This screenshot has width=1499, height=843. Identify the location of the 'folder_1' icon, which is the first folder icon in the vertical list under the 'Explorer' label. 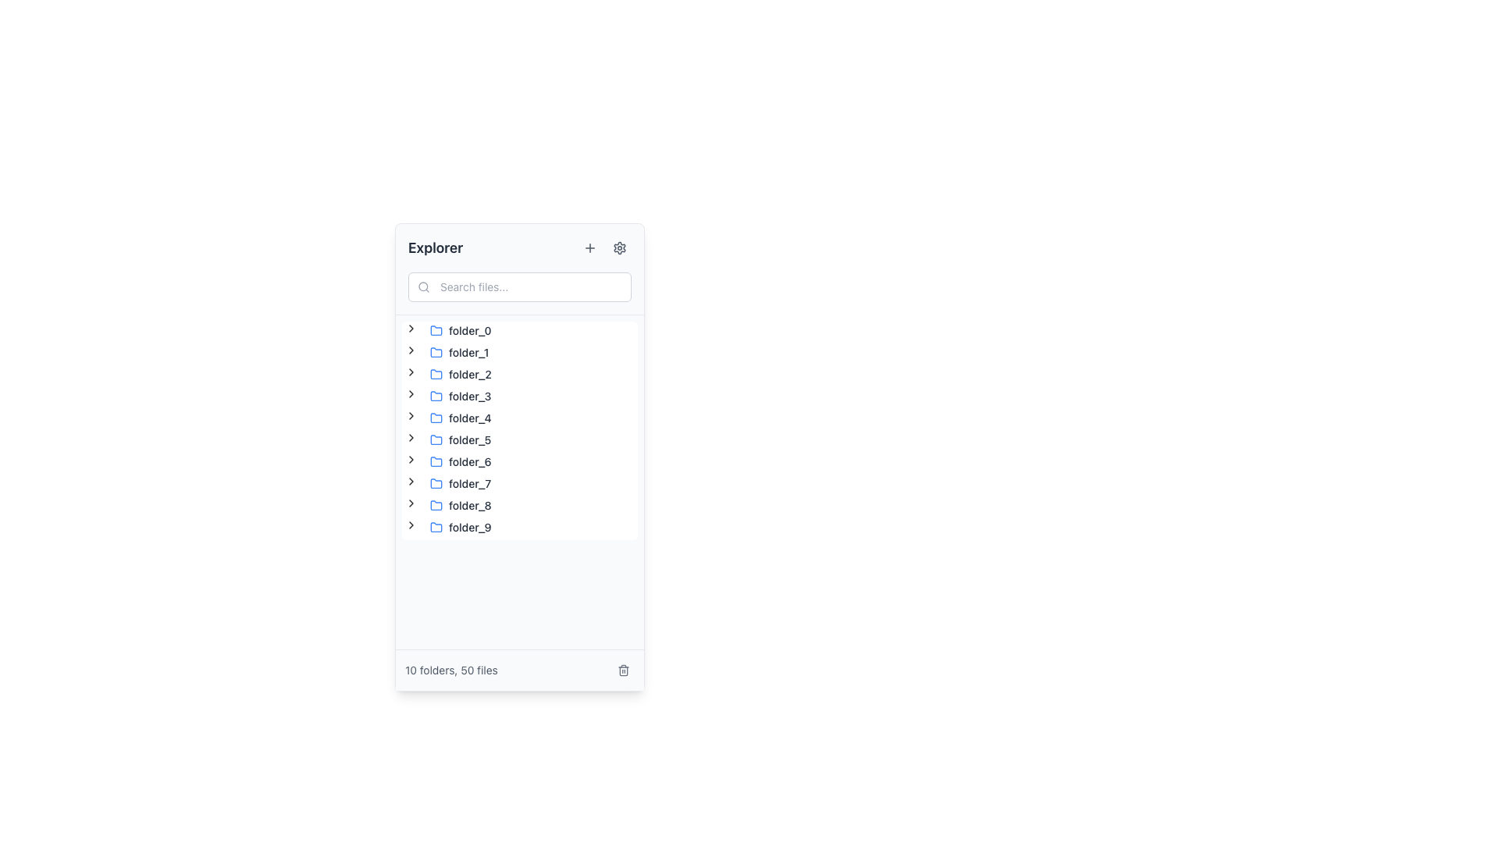
(436, 352).